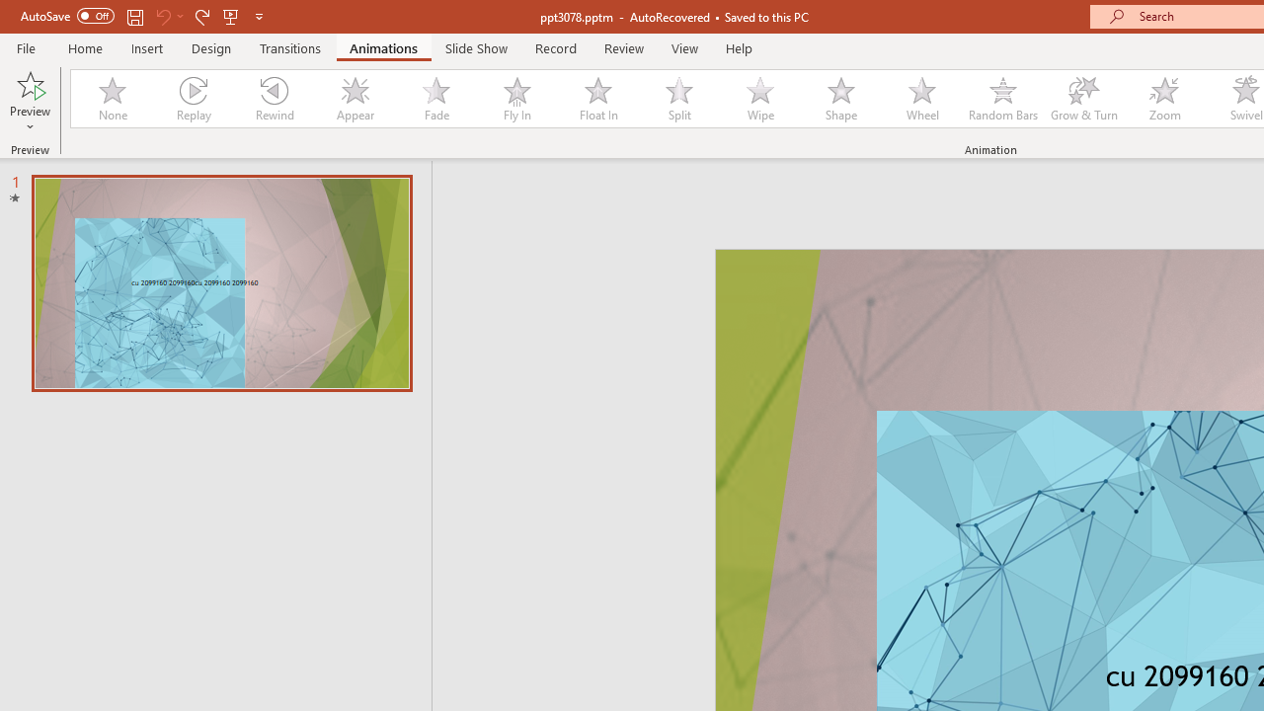 The image size is (1264, 711). Describe the element at coordinates (30, 83) in the screenshot. I see `'Preview'` at that location.